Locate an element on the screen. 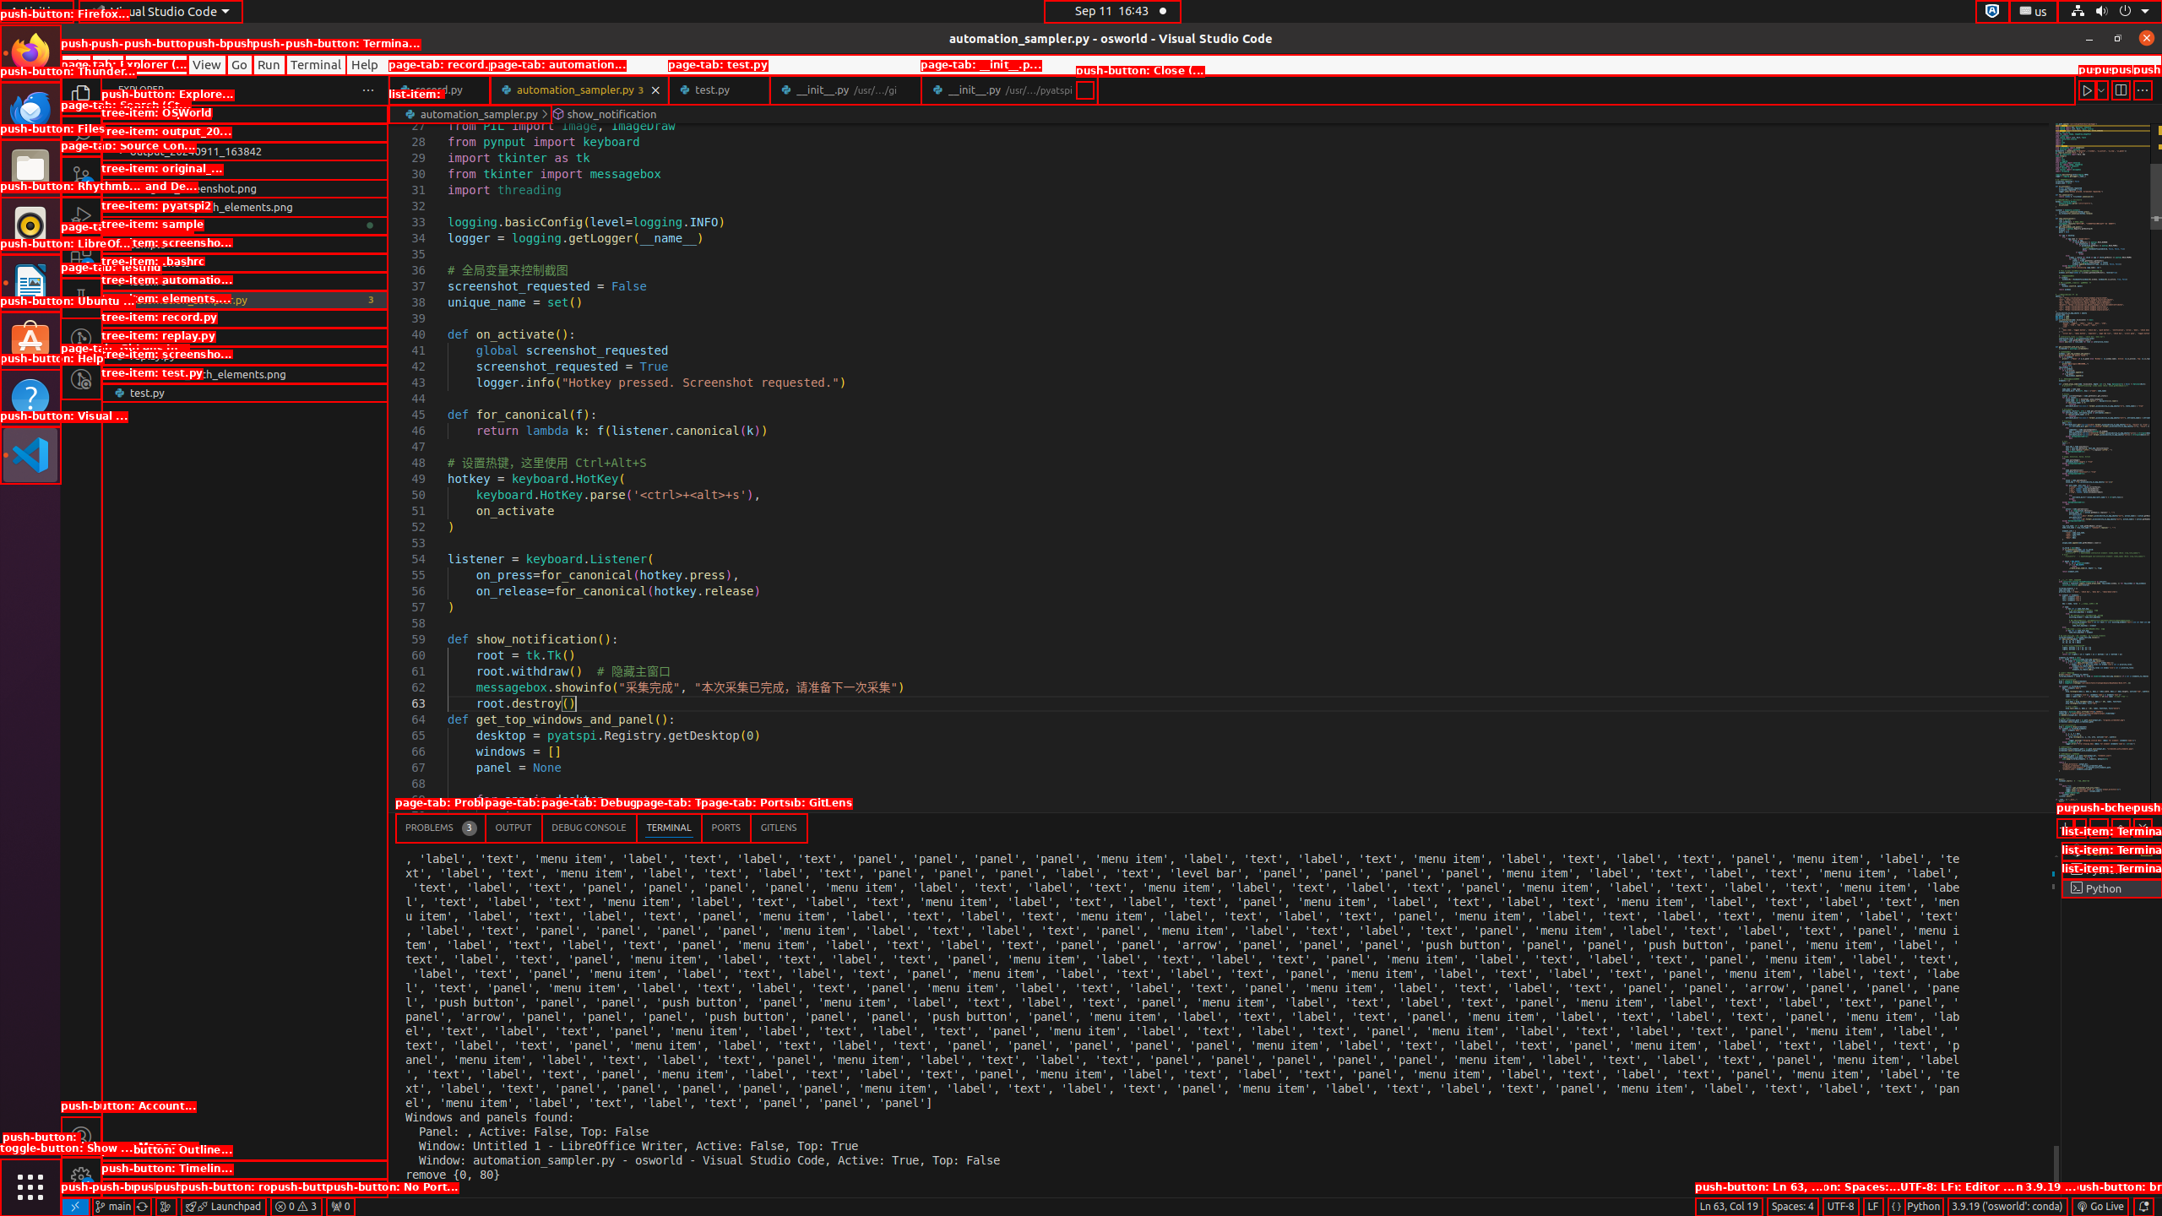  'Extensions (Ctrl+Shift+X) - 2 require update' is located at coordinates (80, 256).